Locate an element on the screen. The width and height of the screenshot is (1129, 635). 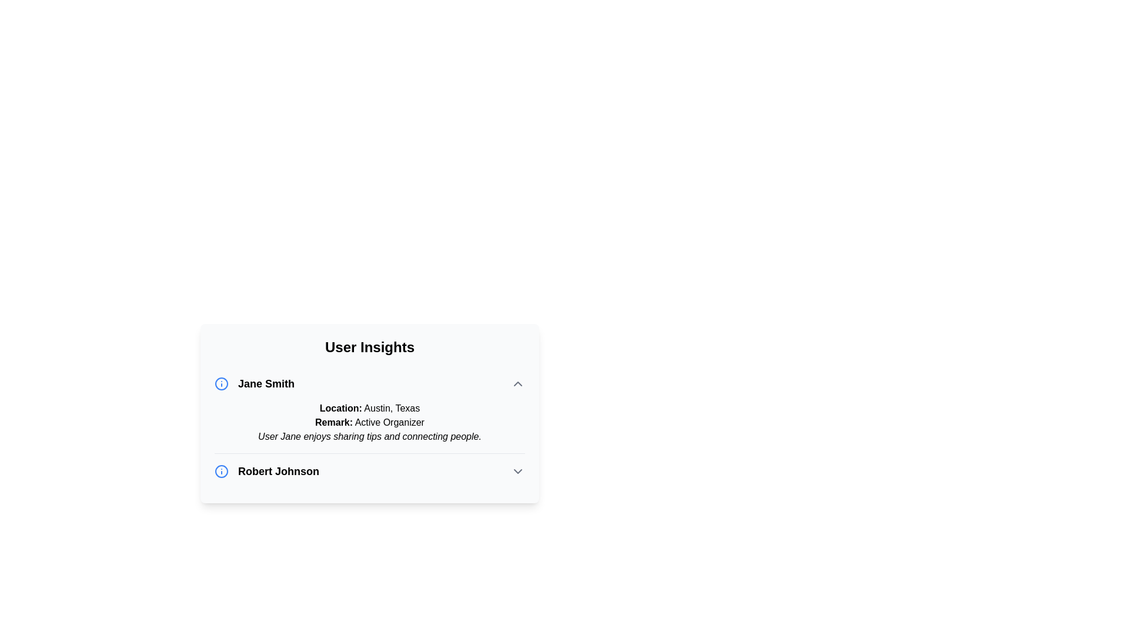
the informative icon associated with the 'Jane Smith' user entry in the 'User Insights' section is located at coordinates (222, 383).